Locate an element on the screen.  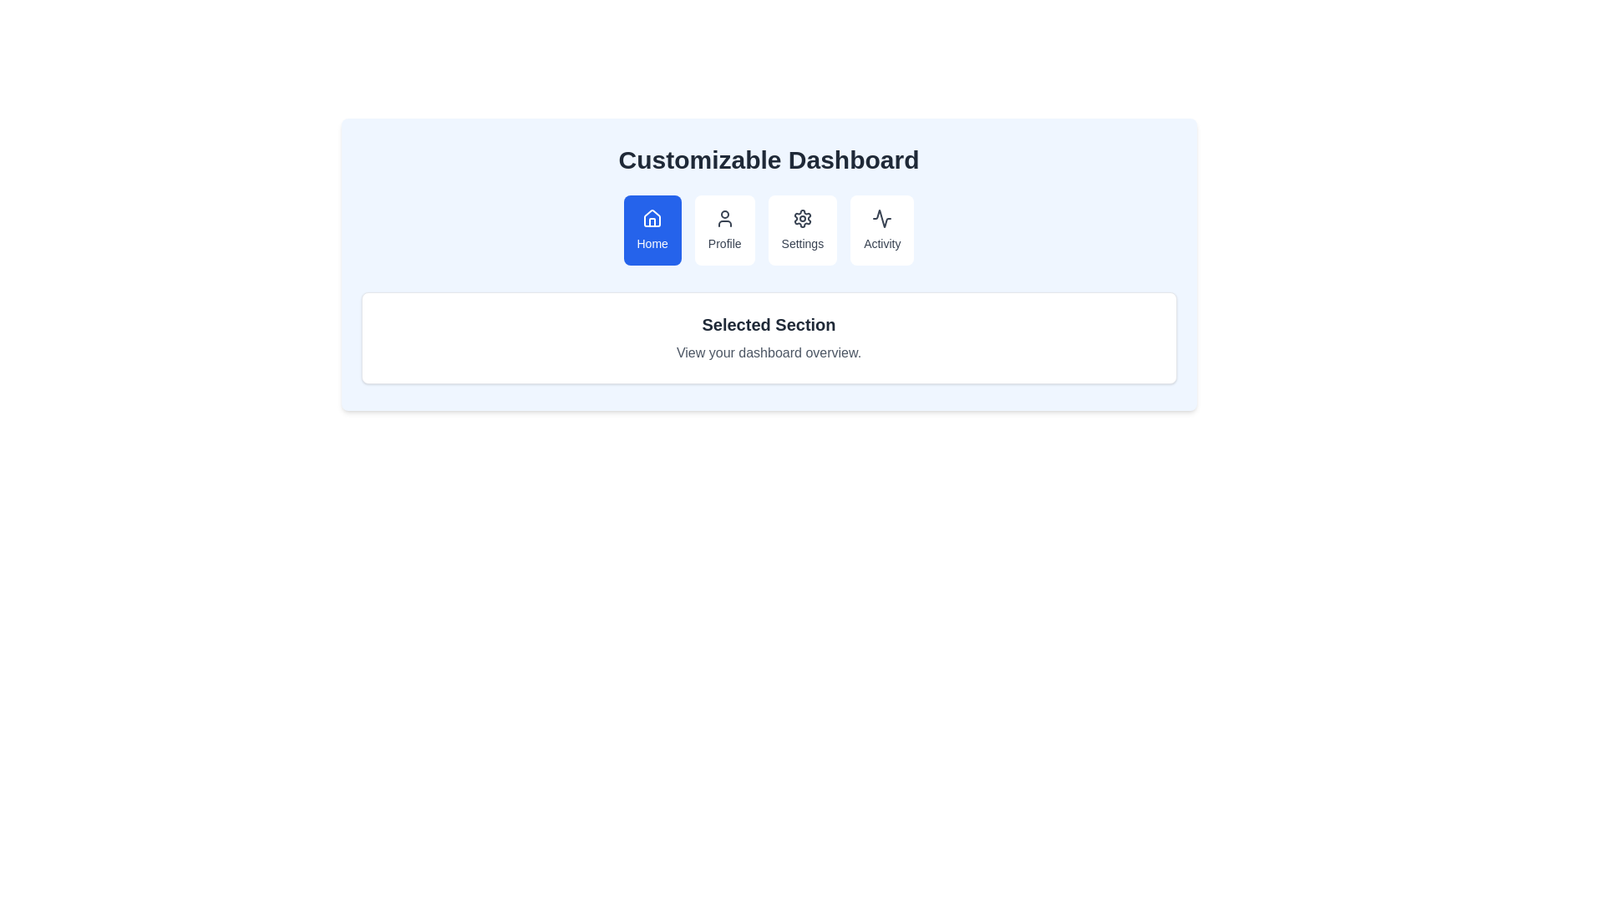
the 'Settings' icon located in the navigation bar is located at coordinates (802, 218).